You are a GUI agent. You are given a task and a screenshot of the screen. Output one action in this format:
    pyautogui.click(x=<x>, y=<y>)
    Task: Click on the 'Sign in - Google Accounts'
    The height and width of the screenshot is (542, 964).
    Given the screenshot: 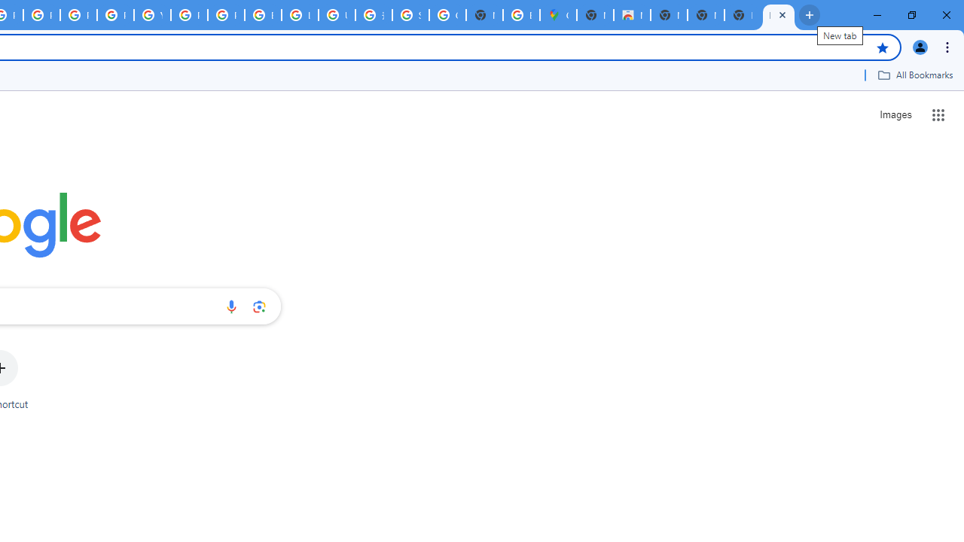 What is the action you would take?
    pyautogui.click(x=410, y=15)
    